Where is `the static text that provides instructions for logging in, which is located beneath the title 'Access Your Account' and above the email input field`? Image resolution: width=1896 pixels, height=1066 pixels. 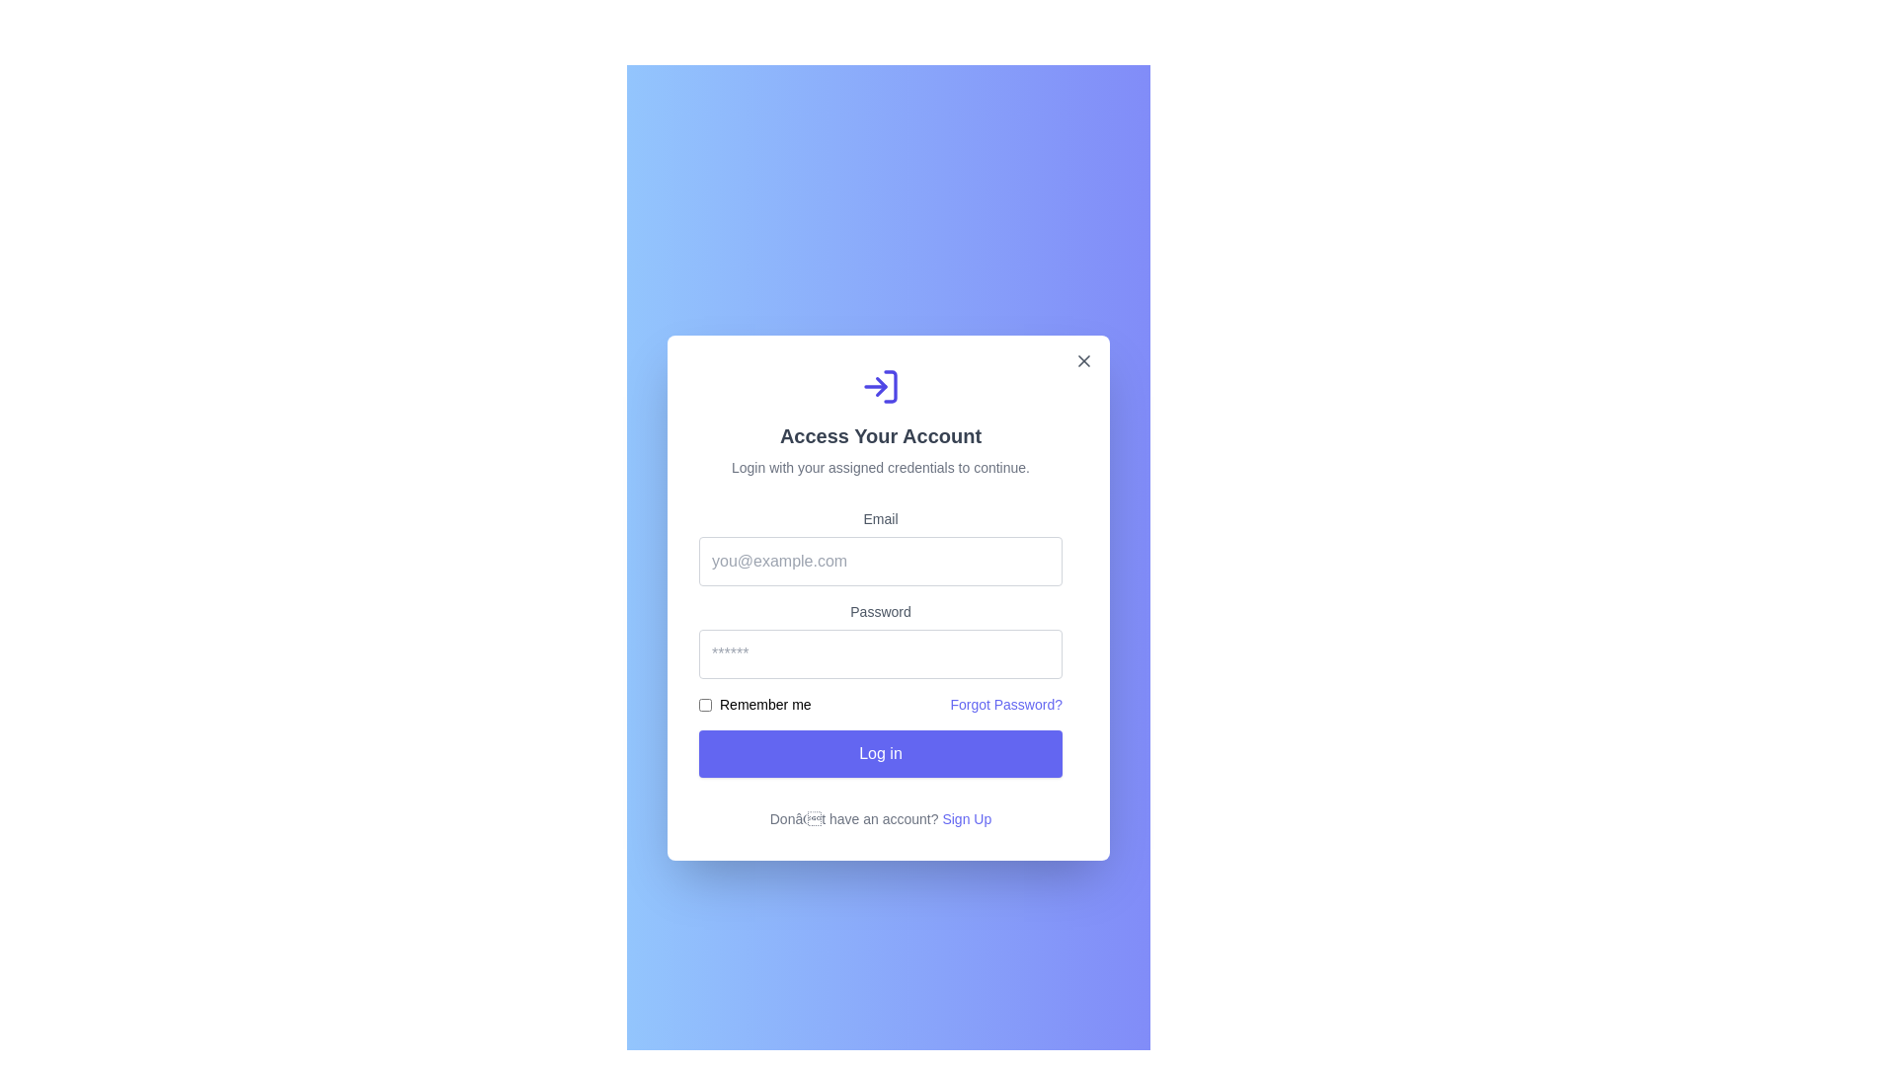 the static text that provides instructions for logging in, which is located beneath the title 'Access Your Account' and above the email input field is located at coordinates (880, 468).